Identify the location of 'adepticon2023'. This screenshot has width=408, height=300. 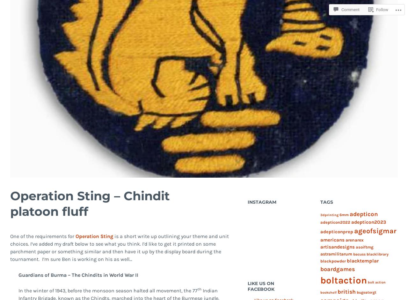
(368, 222).